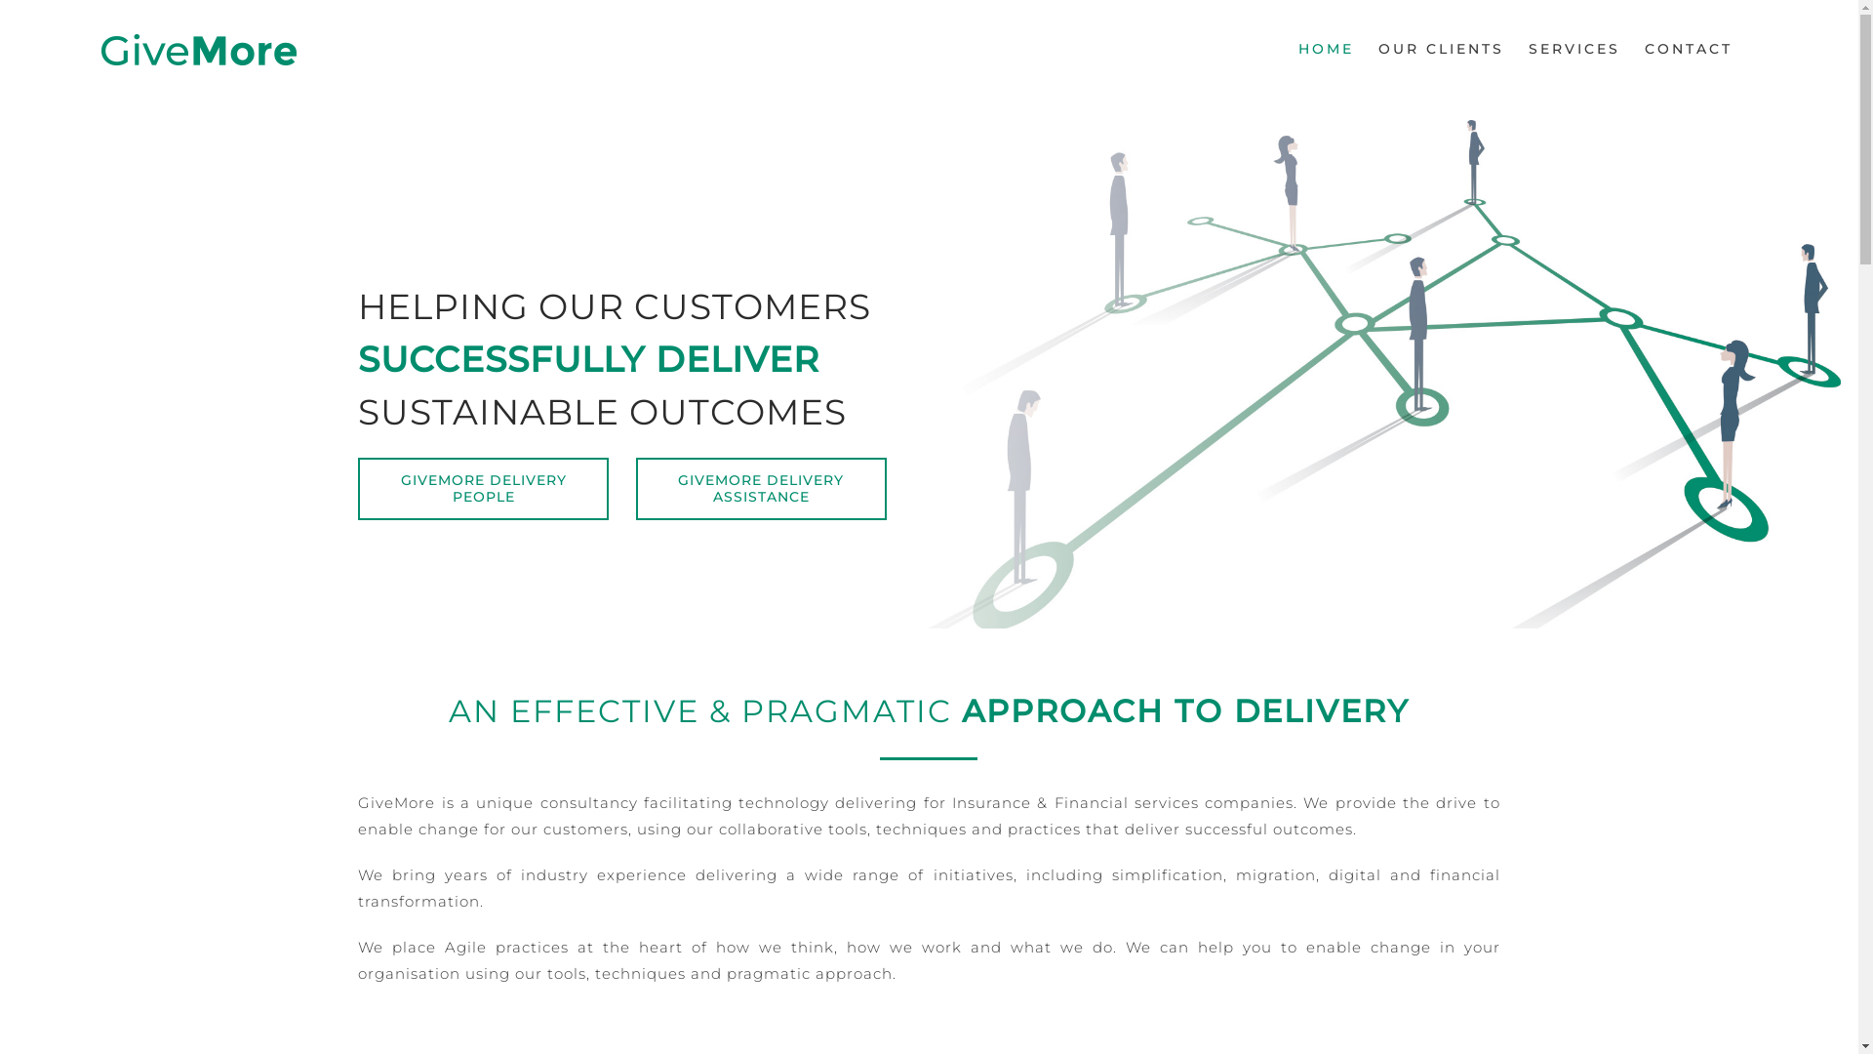 The height and width of the screenshot is (1054, 1873). I want to click on 'OUR CLIENTS', so click(1441, 47).